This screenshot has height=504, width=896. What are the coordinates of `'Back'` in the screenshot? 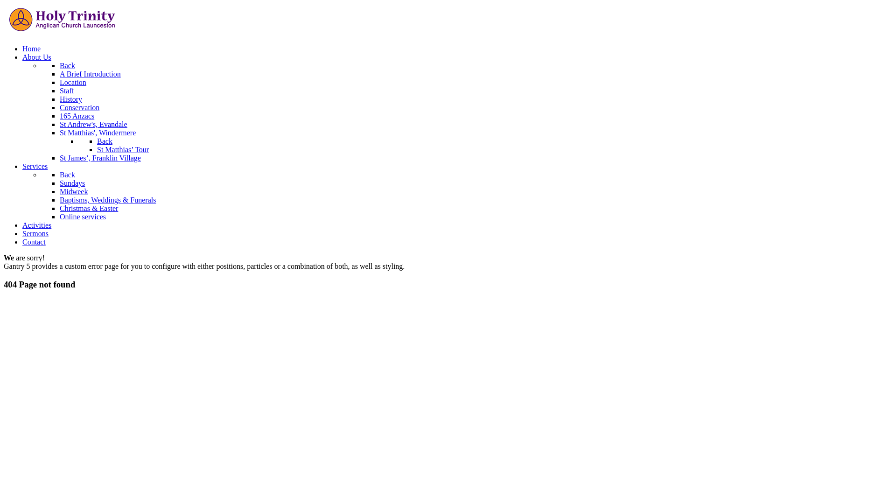 It's located at (105, 141).